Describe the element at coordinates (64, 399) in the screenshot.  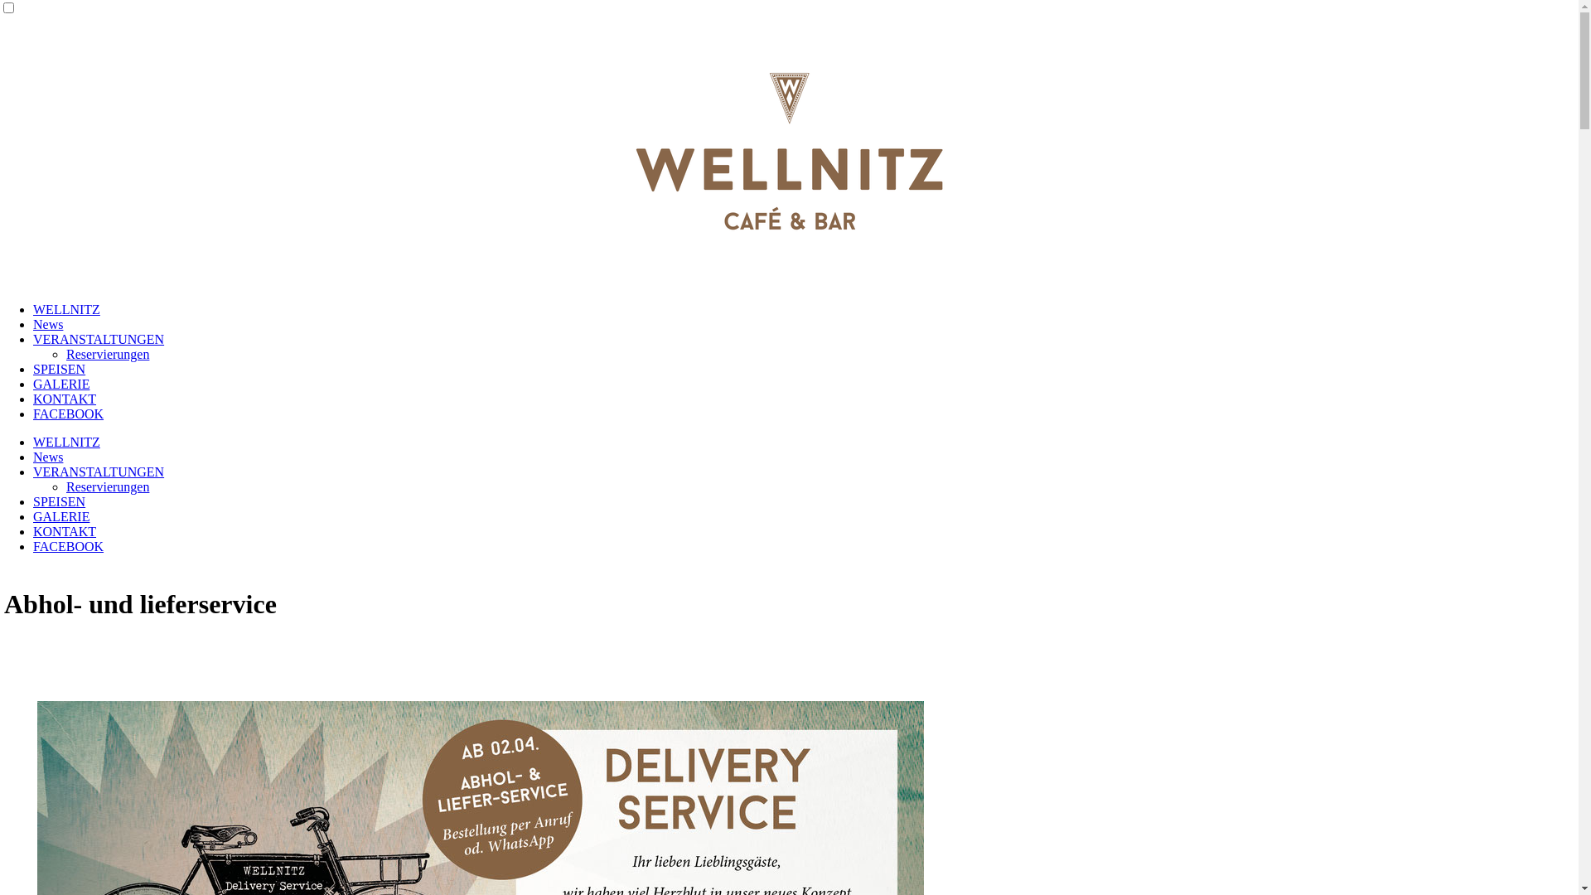
I see `'KONTAKT'` at that location.